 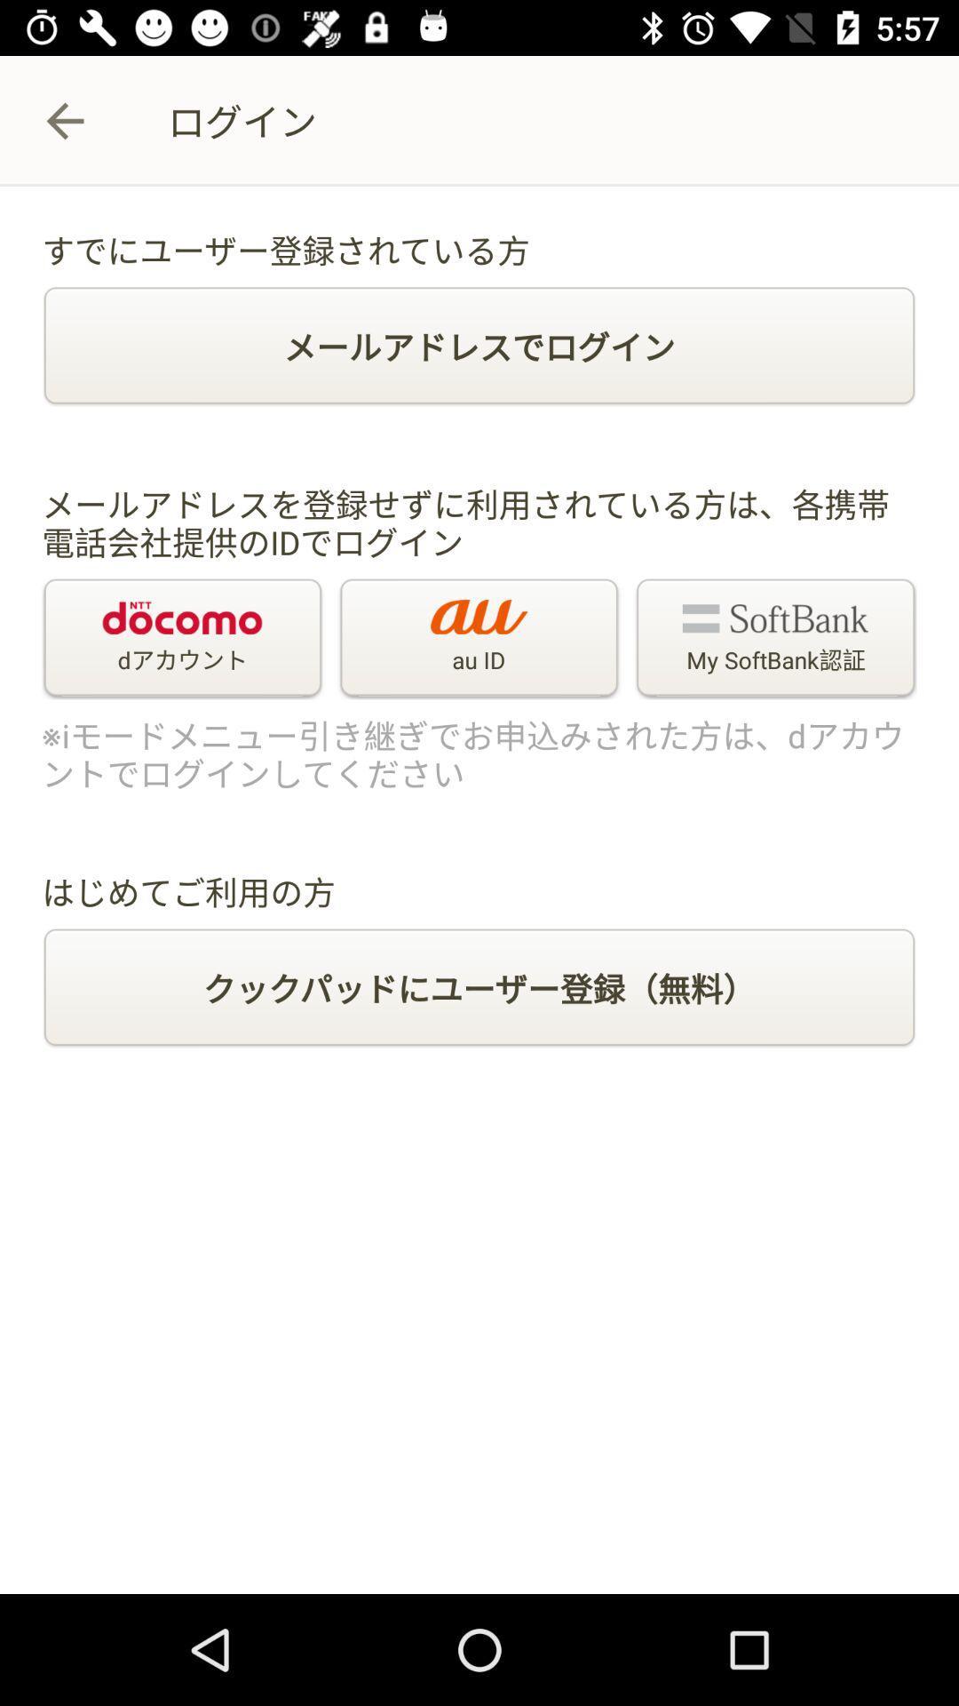 What do you see at coordinates (774, 639) in the screenshot?
I see `item next to the au id` at bounding box center [774, 639].